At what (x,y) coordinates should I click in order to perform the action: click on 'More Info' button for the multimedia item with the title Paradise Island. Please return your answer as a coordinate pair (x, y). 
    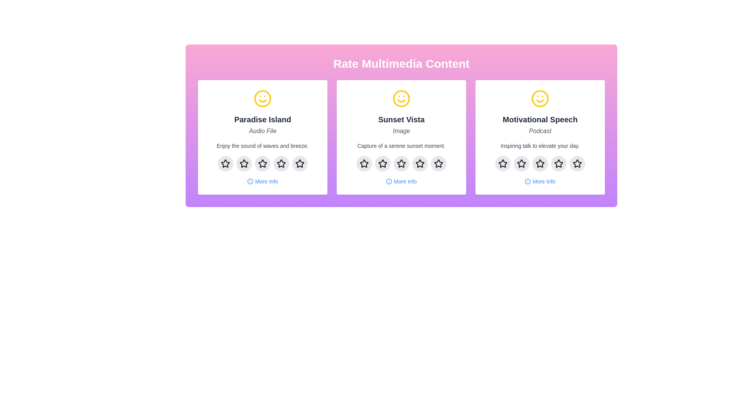
    Looking at the image, I should click on (262, 182).